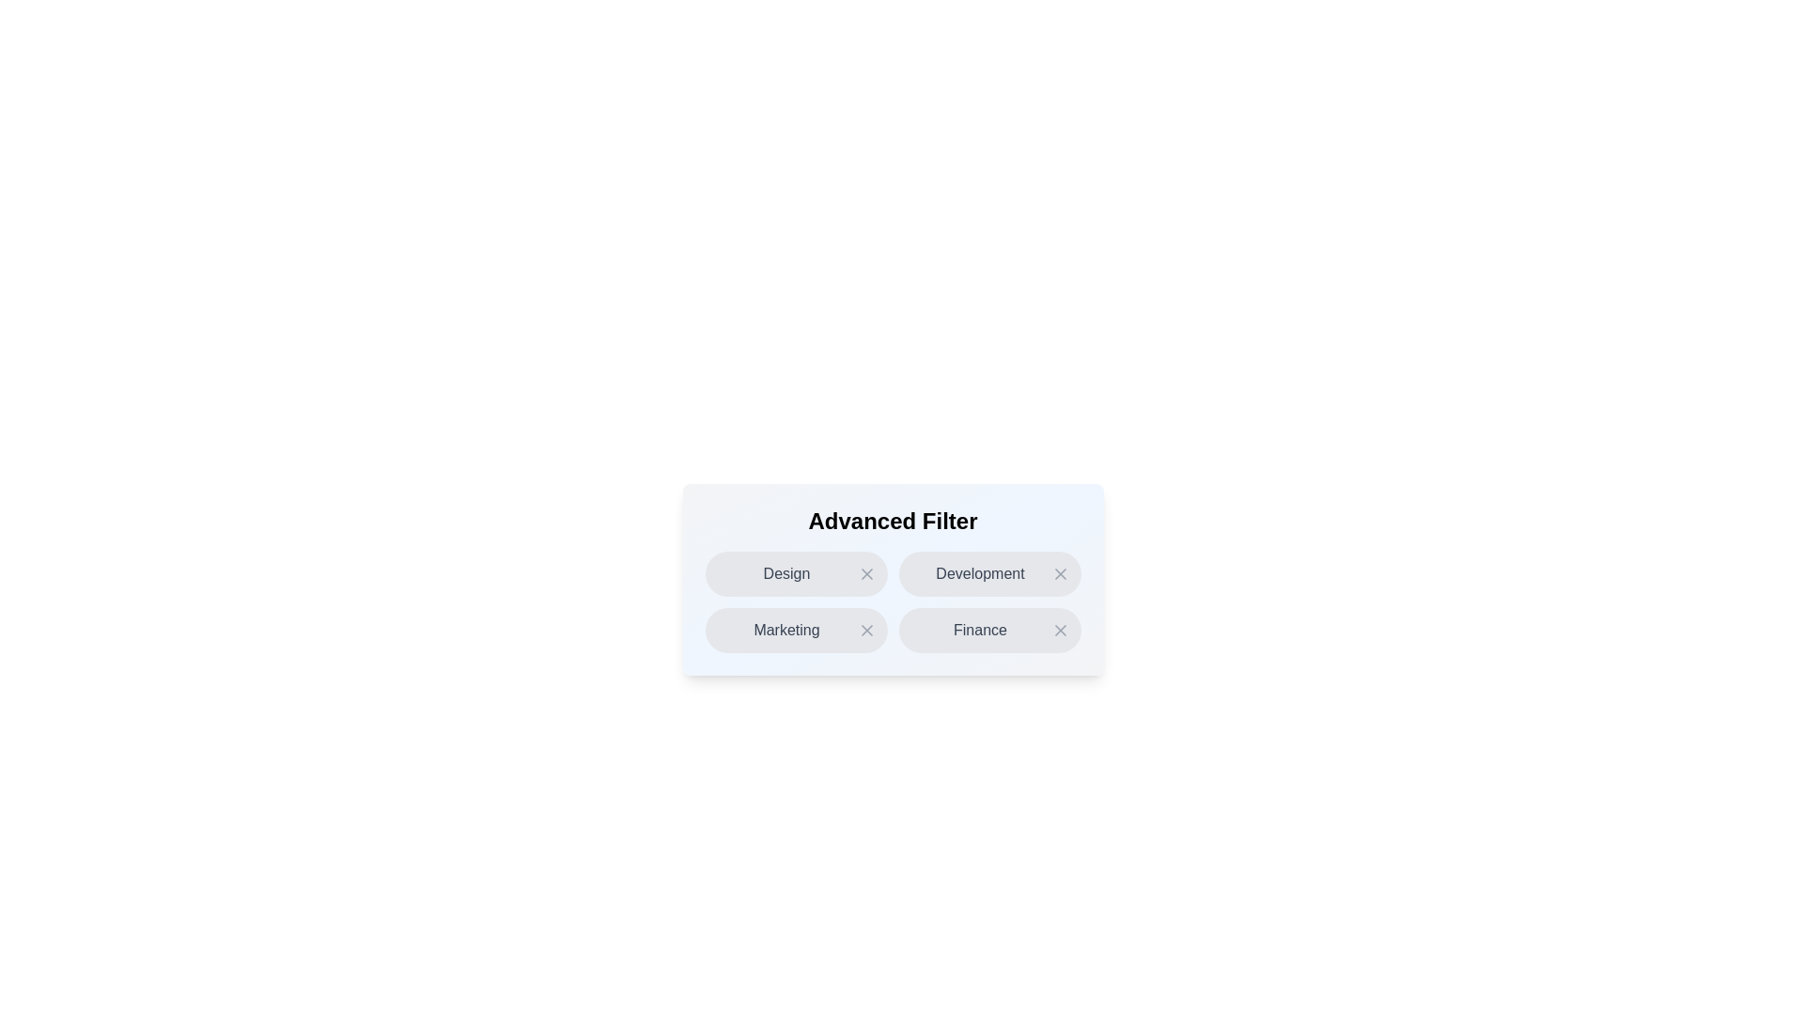 The height and width of the screenshot is (1015, 1804). I want to click on the chip labeled Design, so click(796, 572).